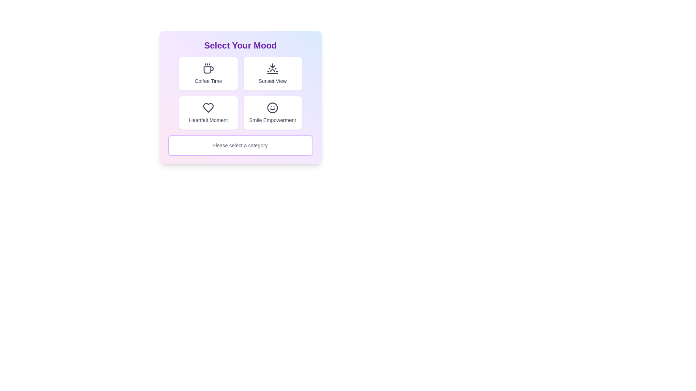 This screenshot has height=391, width=696. What do you see at coordinates (272, 68) in the screenshot?
I see `the sunset icon located in the upper-center portion of the 'Sunset View' button within the grid of options` at bounding box center [272, 68].